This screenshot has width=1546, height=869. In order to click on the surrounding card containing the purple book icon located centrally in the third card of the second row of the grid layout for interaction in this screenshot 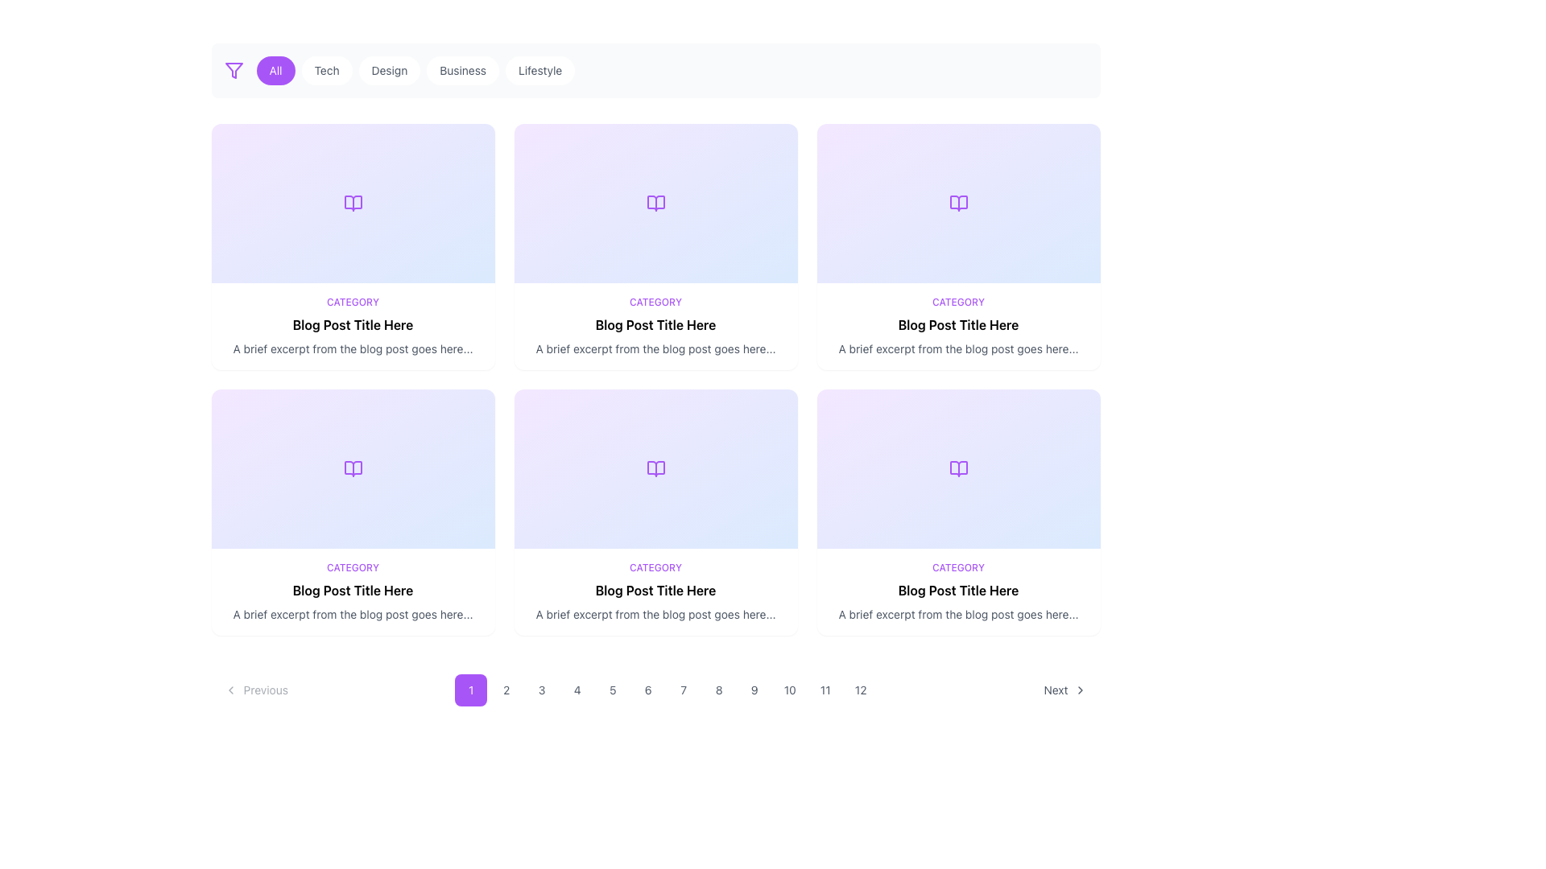, I will do `click(655, 468)`.